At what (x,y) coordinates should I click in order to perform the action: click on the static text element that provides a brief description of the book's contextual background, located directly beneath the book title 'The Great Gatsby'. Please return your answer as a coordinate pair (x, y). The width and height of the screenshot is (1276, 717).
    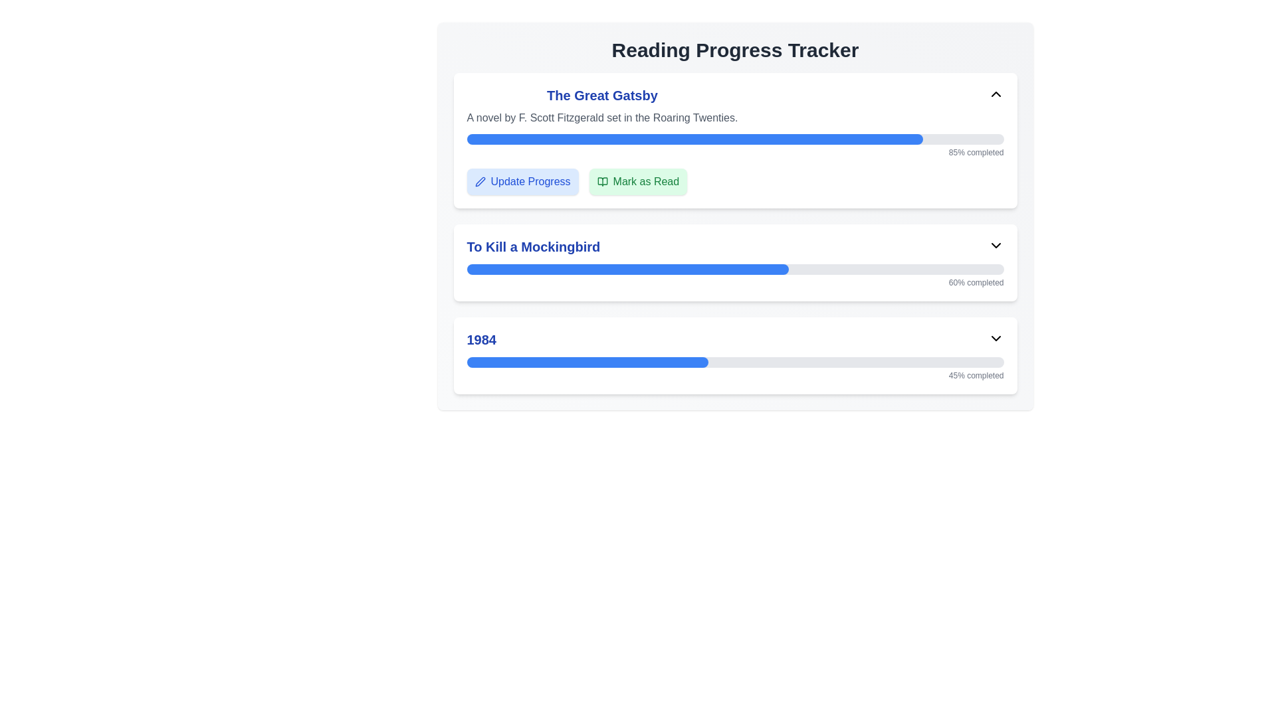
    Looking at the image, I should click on (601, 117).